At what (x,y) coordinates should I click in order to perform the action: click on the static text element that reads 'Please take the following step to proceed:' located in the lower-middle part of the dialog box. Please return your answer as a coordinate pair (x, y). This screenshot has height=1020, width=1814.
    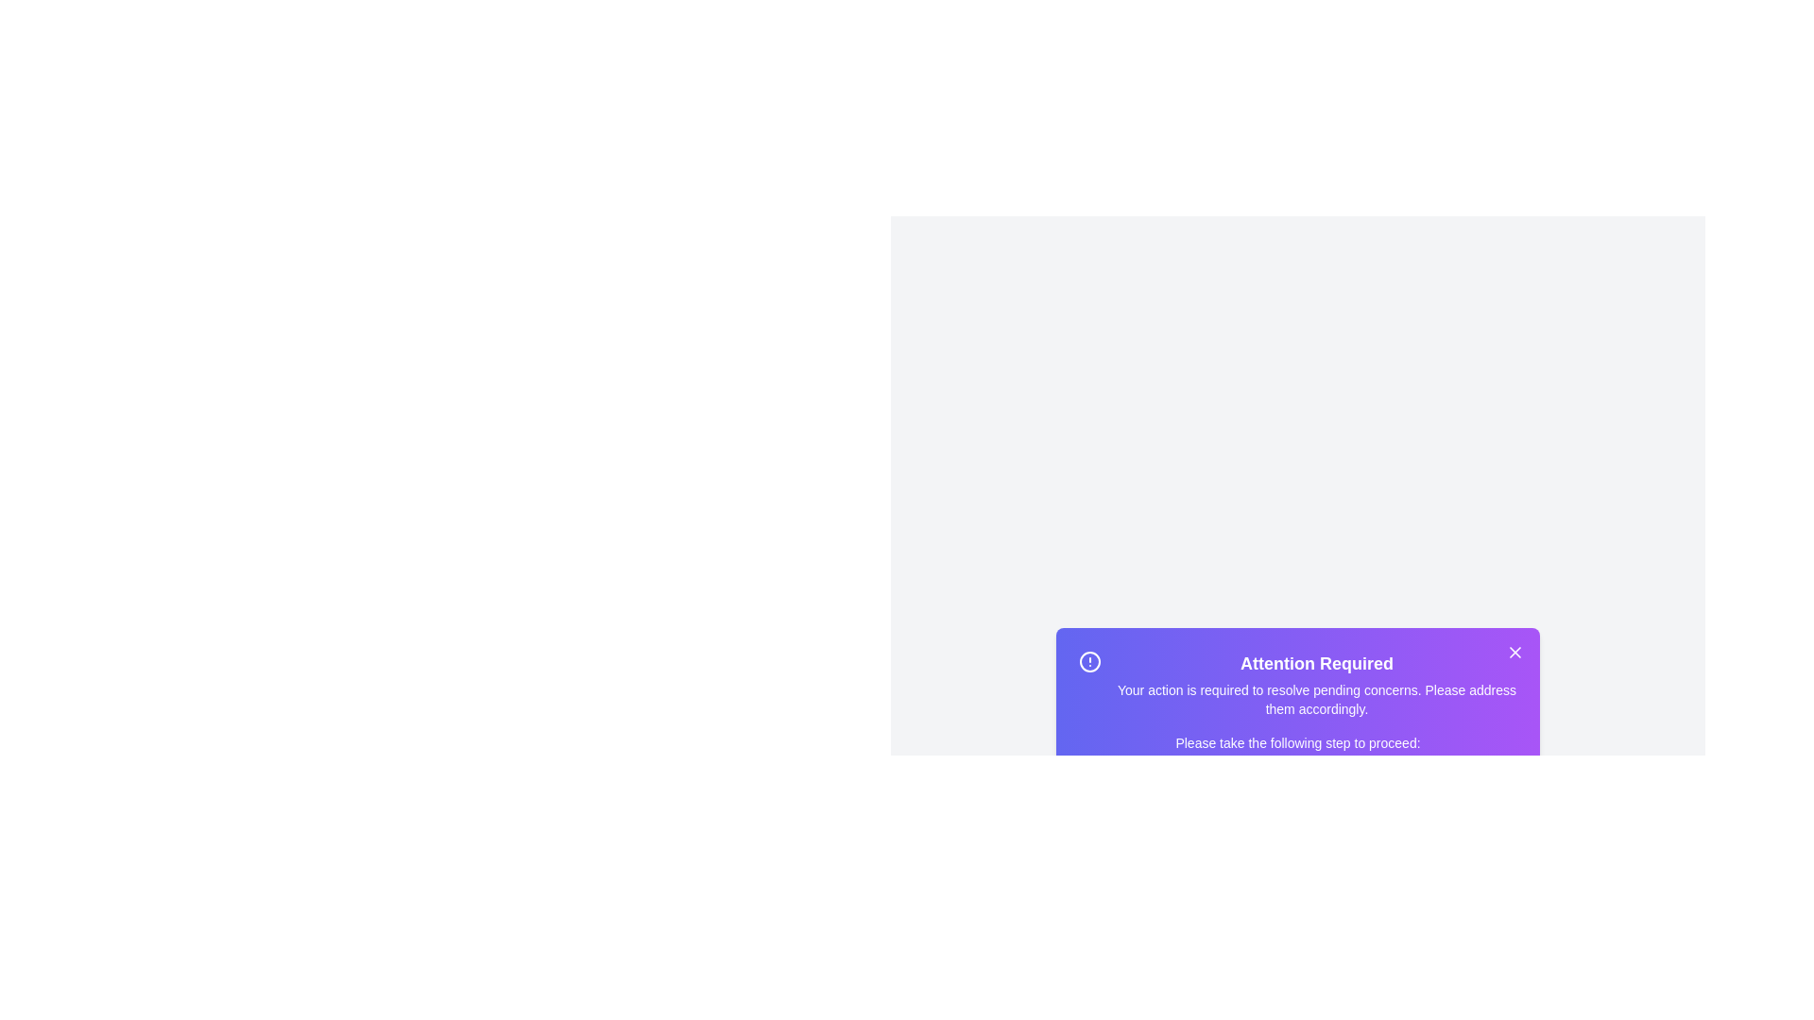
    Looking at the image, I should click on (1296, 741).